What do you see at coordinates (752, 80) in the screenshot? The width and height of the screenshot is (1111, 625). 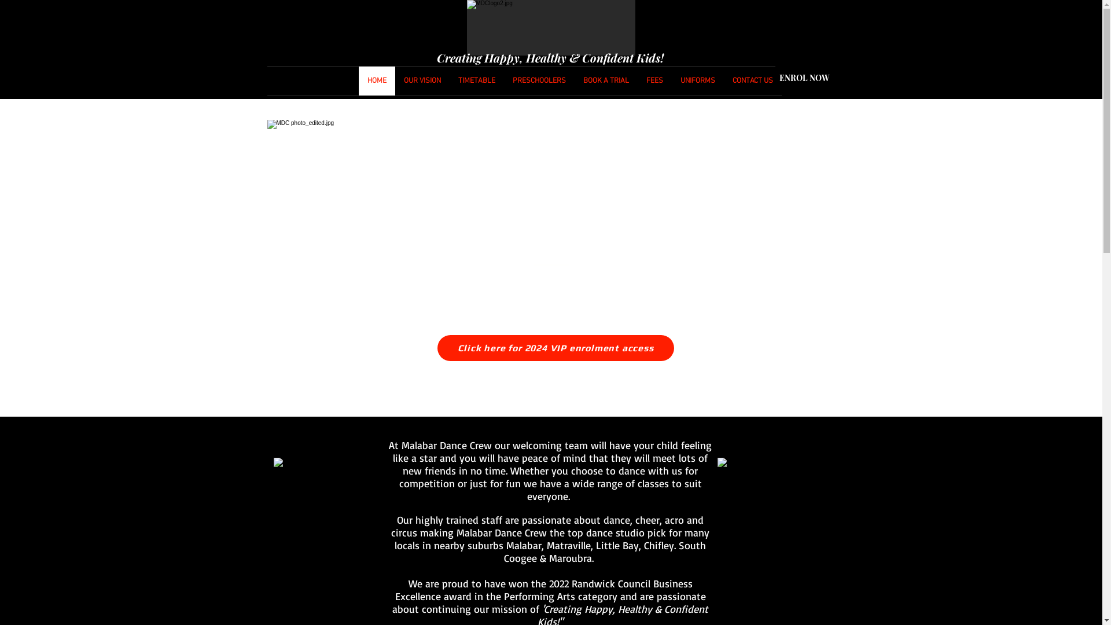 I see `'CONTACT US'` at bounding box center [752, 80].